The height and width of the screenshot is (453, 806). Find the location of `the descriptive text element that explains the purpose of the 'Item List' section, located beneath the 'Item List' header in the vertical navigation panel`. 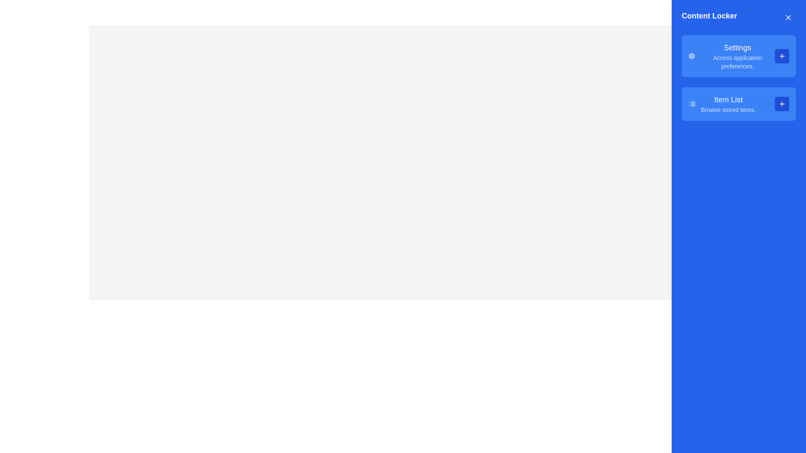

the descriptive text element that explains the purpose of the 'Item List' section, located beneath the 'Item List' header in the vertical navigation panel is located at coordinates (728, 109).